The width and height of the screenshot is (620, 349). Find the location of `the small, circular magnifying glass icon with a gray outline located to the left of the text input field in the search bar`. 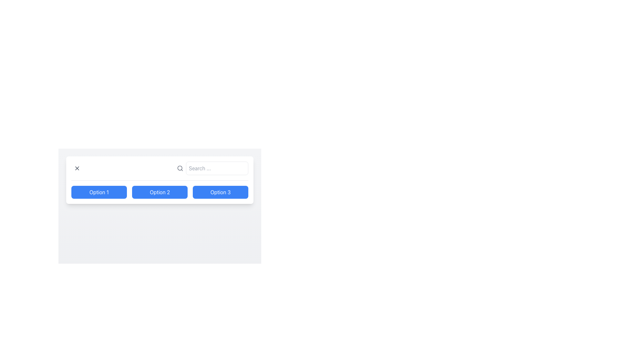

the small, circular magnifying glass icon with a gray outline located to the left of the text input field in the search bar is located at coordinates (180, 168).